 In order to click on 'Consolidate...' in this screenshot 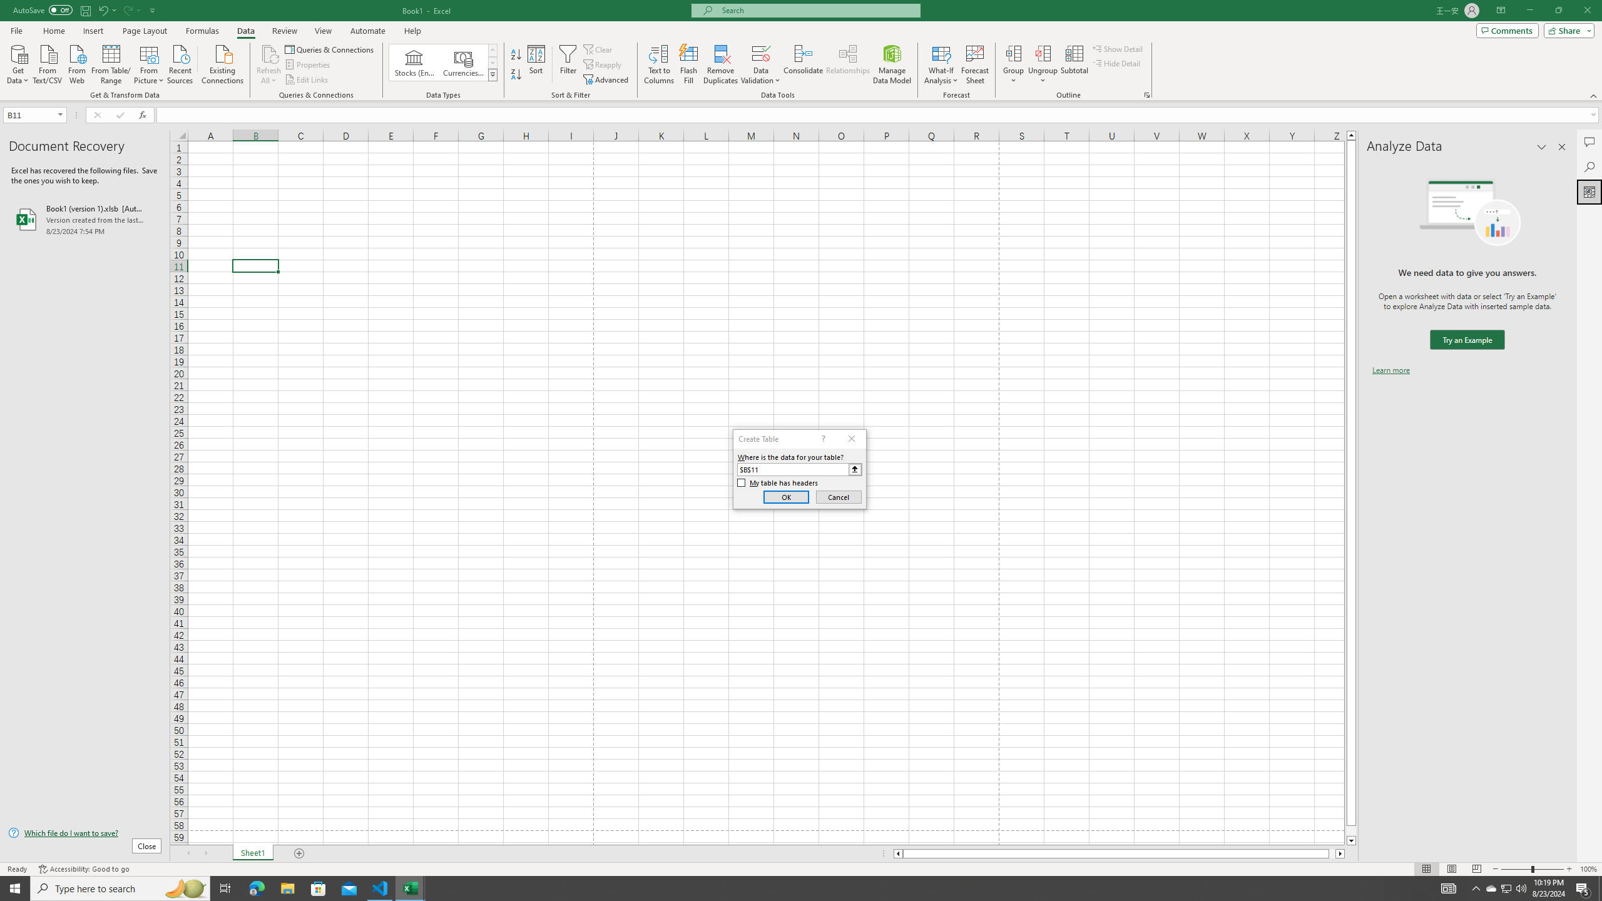, I will do `click(803, 64)`.